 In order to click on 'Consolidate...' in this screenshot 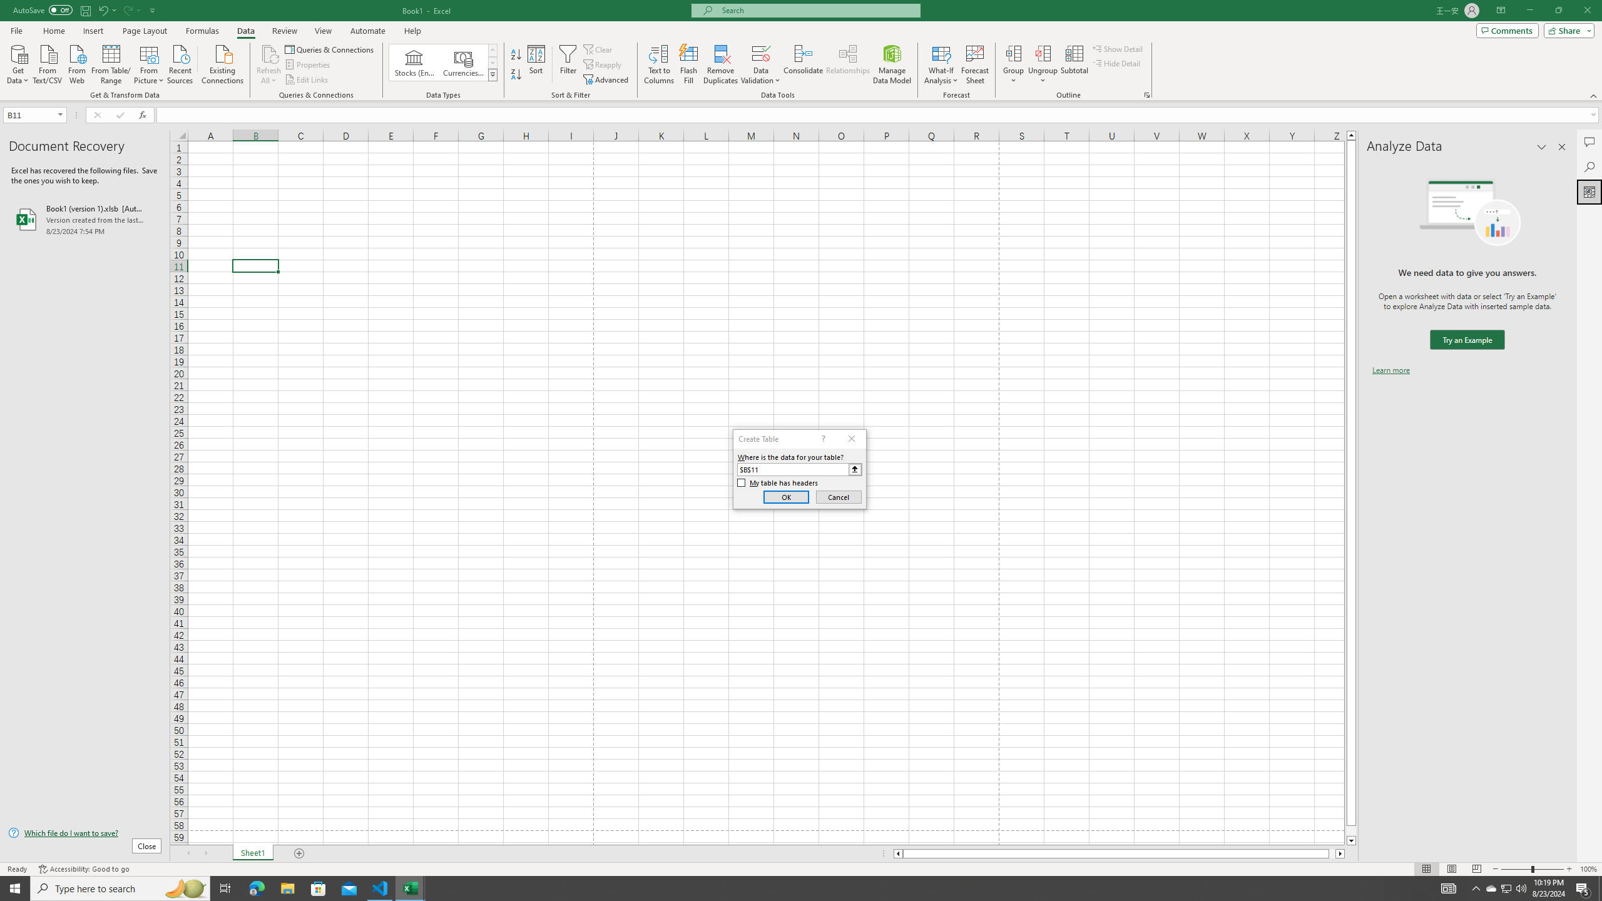, I will do `click(803, 64)`.